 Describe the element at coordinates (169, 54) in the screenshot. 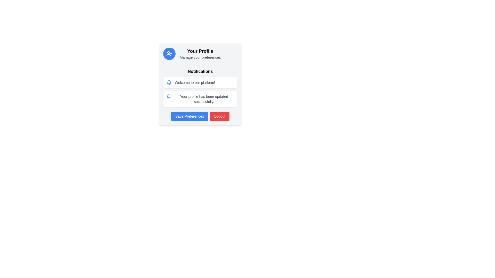

I see `the user icon with a checkmark, which is styled in white and placed within a blue circular background, located in the top-left of the profile card interface header` at that location.